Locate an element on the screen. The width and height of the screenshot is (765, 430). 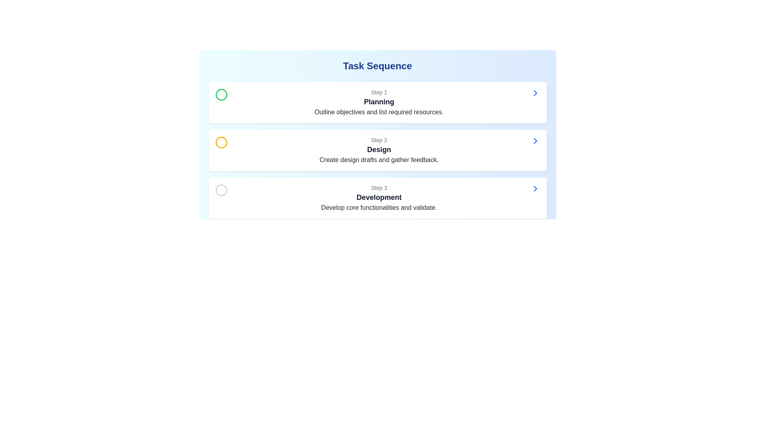
the text label indicating the step number in the third task card under the 'Development' heading is located at coordinates (379, 188).